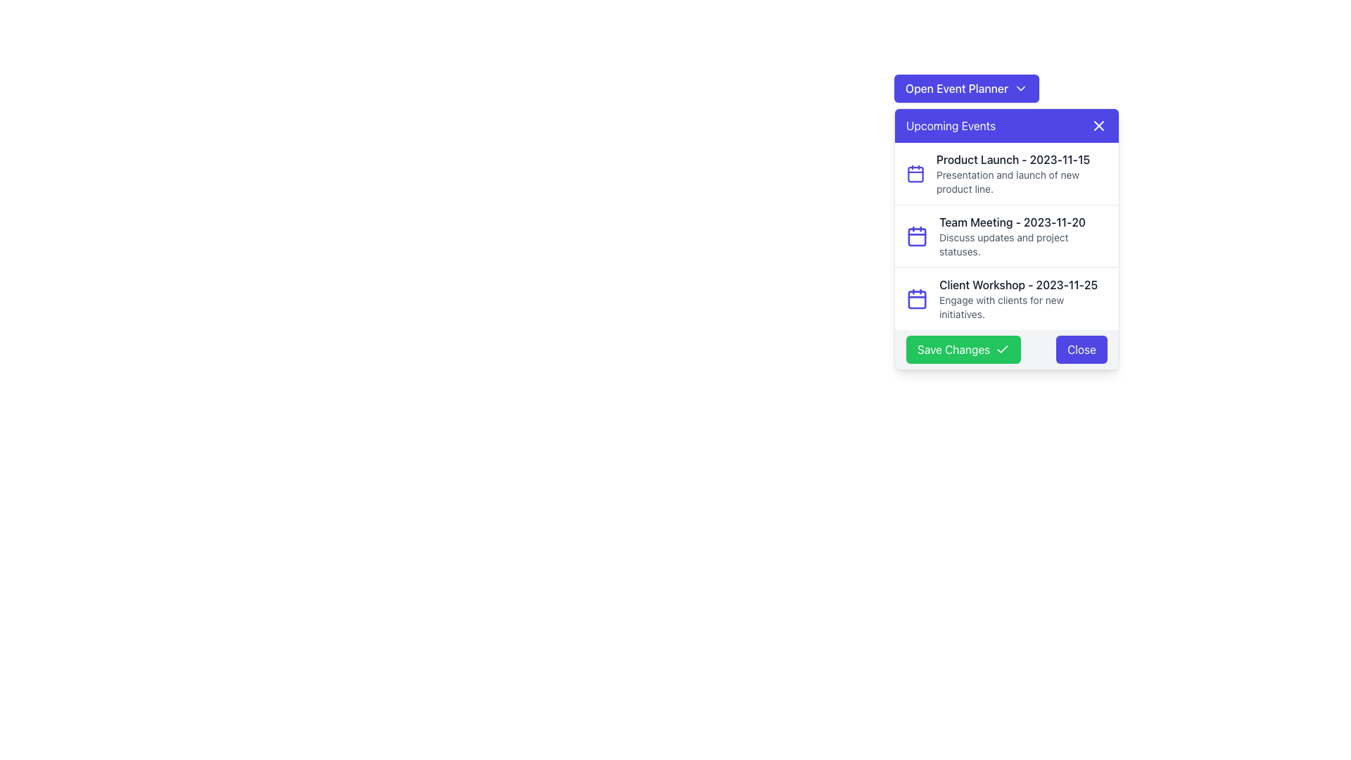 The image size is (1351, 760). Describe the element at coordinates (1022, 159) in the screenshot. I see `text from the header label of the first event in the 'Upcoming Events' panel, which identifies the event and its date` at that location.